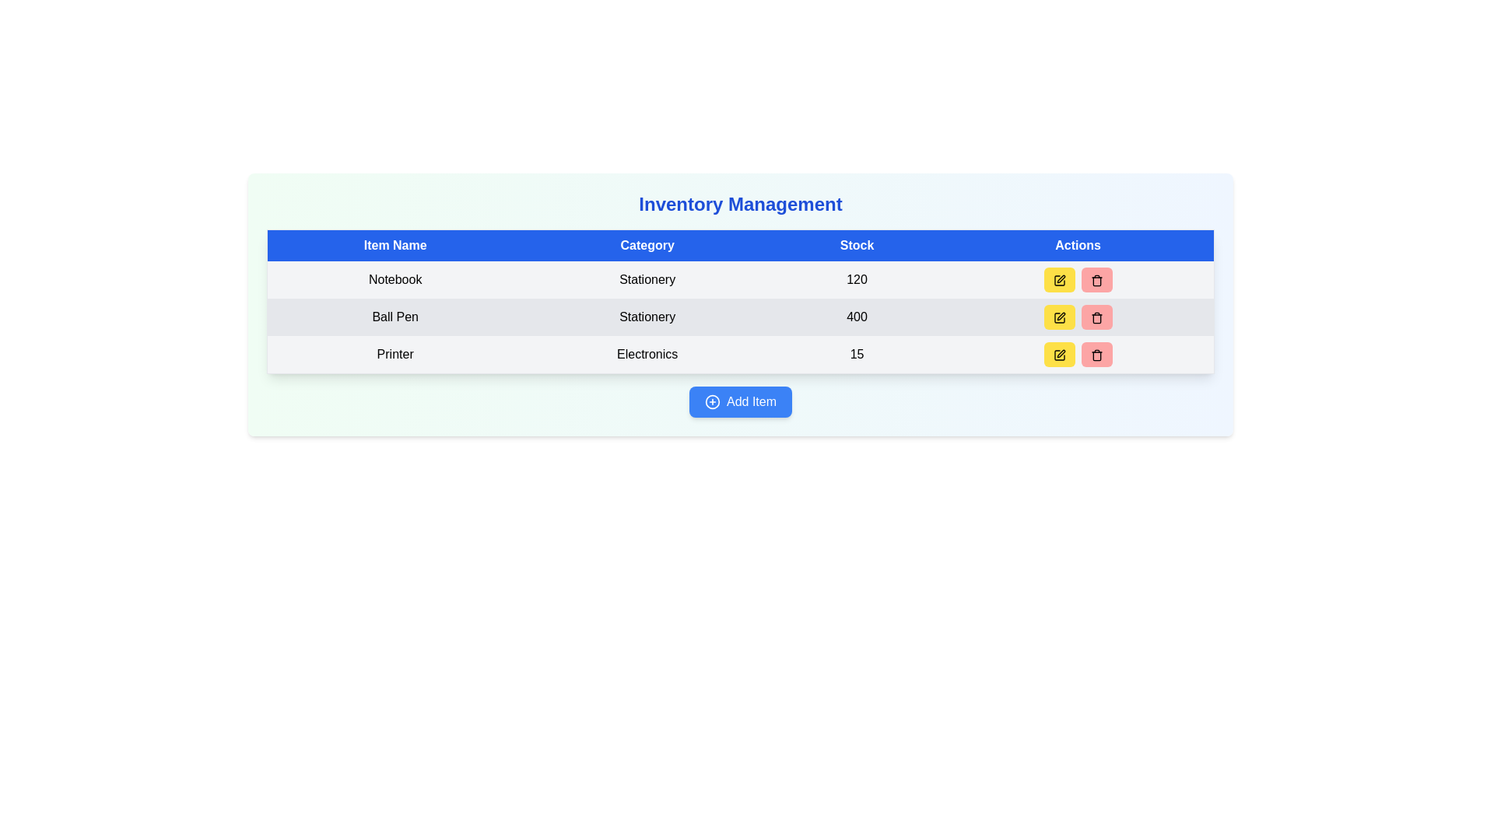 This screenshot has height=840, width=1494. What do you see at coordinates (712, 401) in the screenshot?
I see `the circular blue icon with a plus sign inside, part of the 'Add Item' button located below the main table` at bounding box center [712, 401].